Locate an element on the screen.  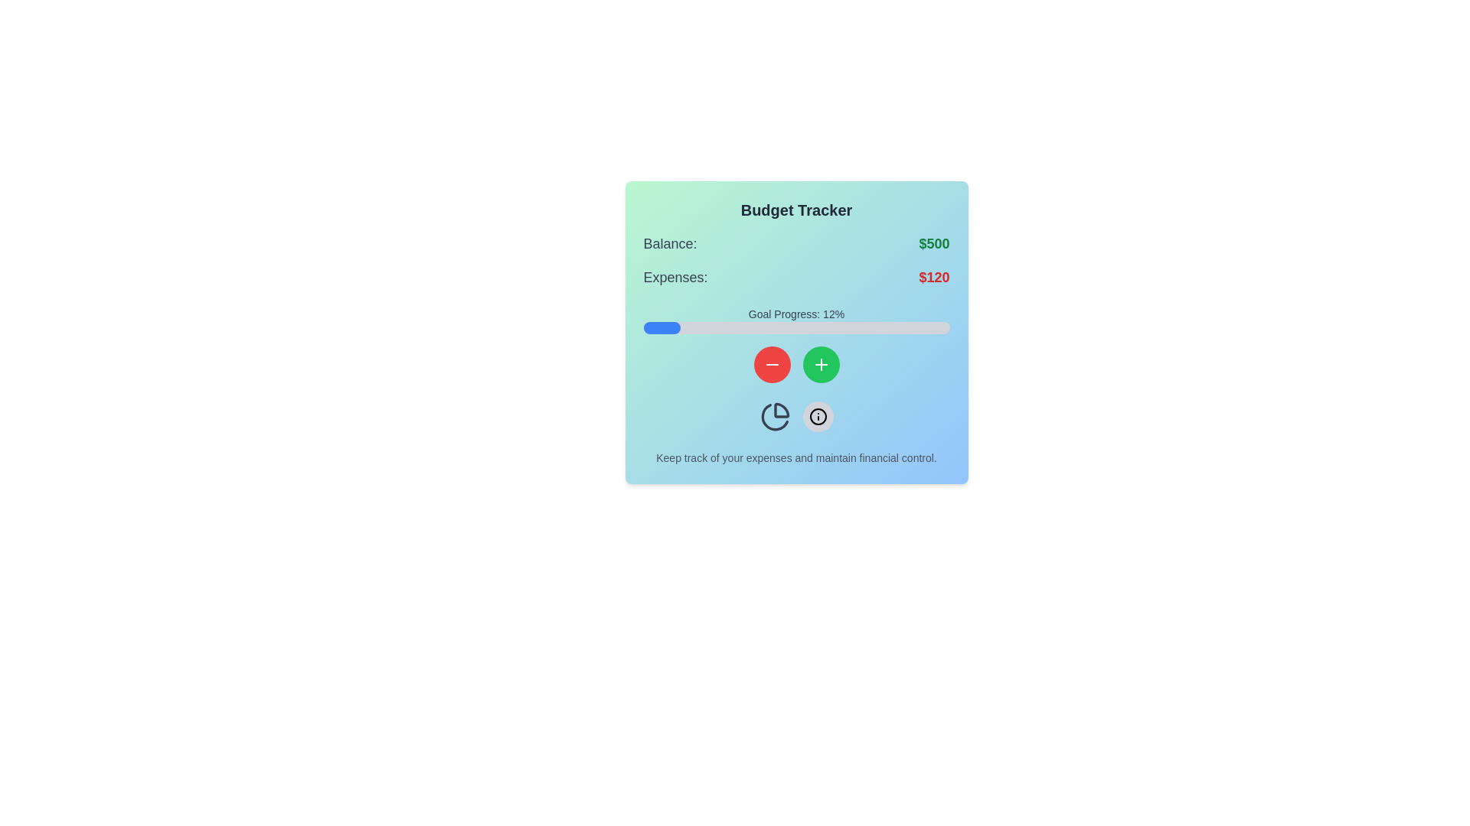
the pie chart icon, which is styled with thin lines and shaded dark gray is located at coordinates (775, 416).